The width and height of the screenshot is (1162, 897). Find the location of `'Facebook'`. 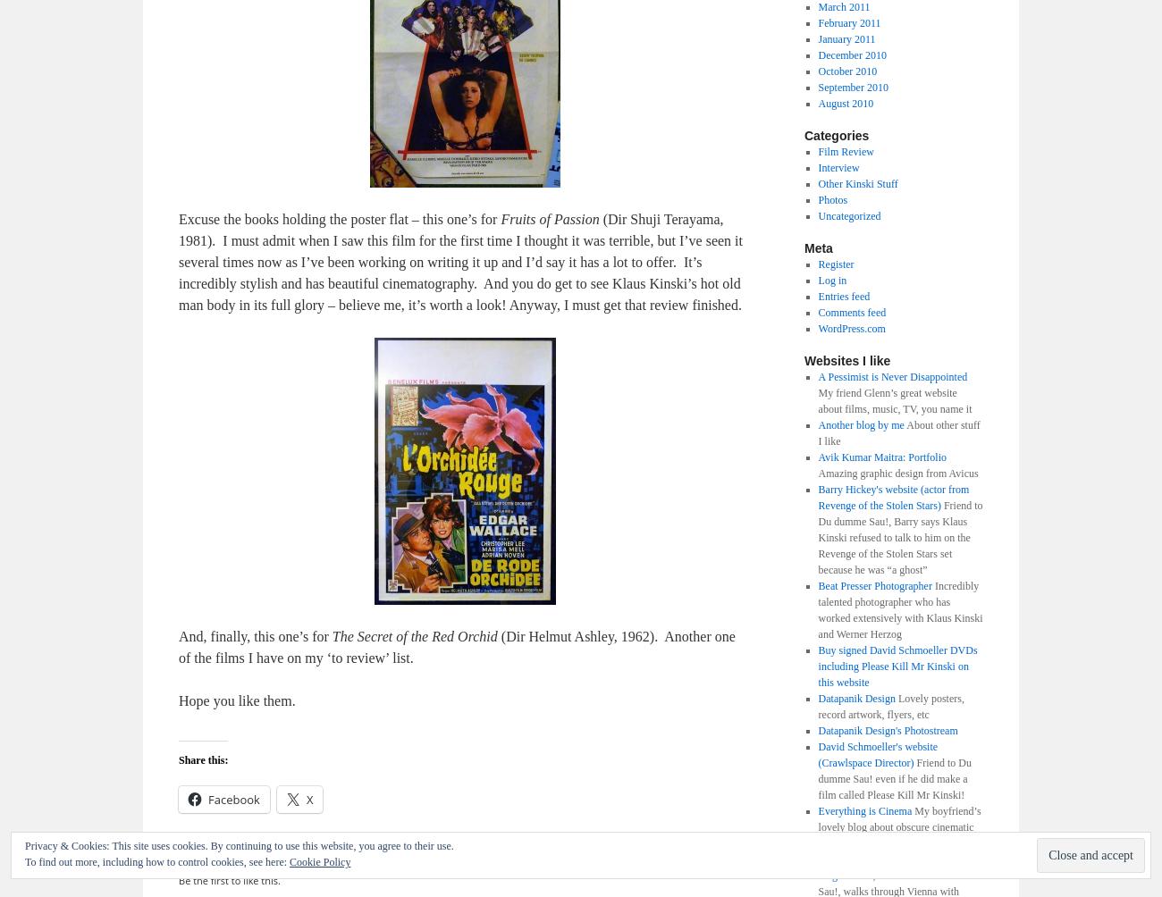

'Facebook' is located at coordinates (232, 798).